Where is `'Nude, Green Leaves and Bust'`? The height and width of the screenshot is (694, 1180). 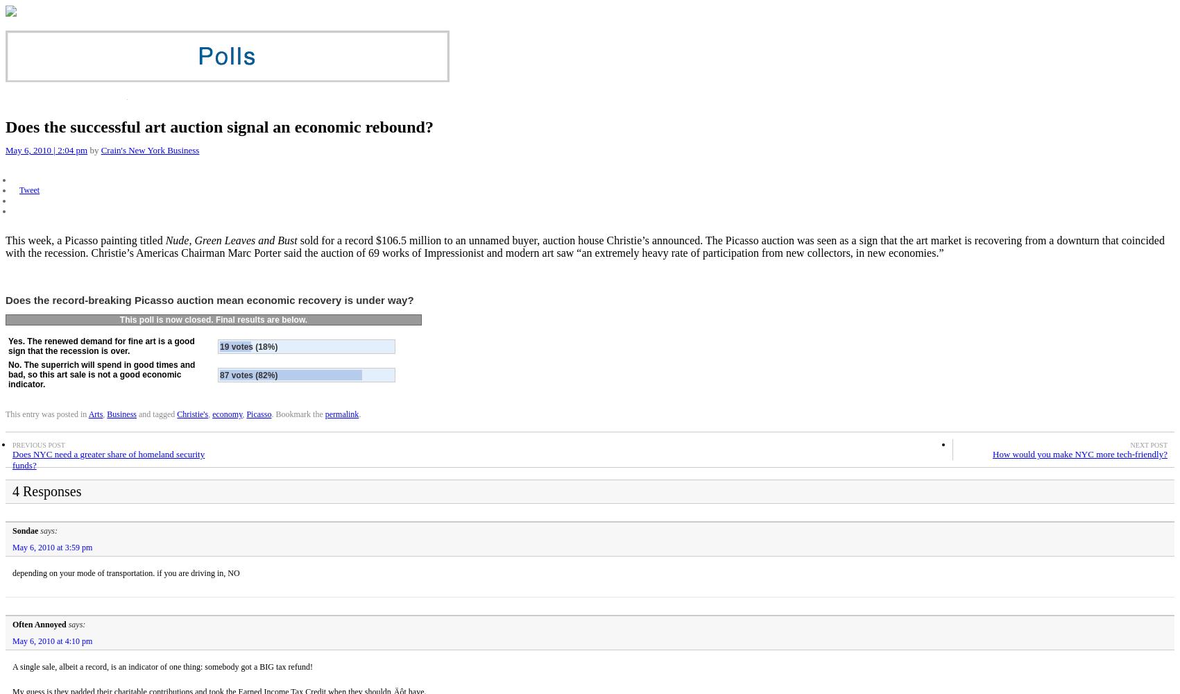 'Nude, Green Leaves and Bust' is located at coordinates (231, 239).